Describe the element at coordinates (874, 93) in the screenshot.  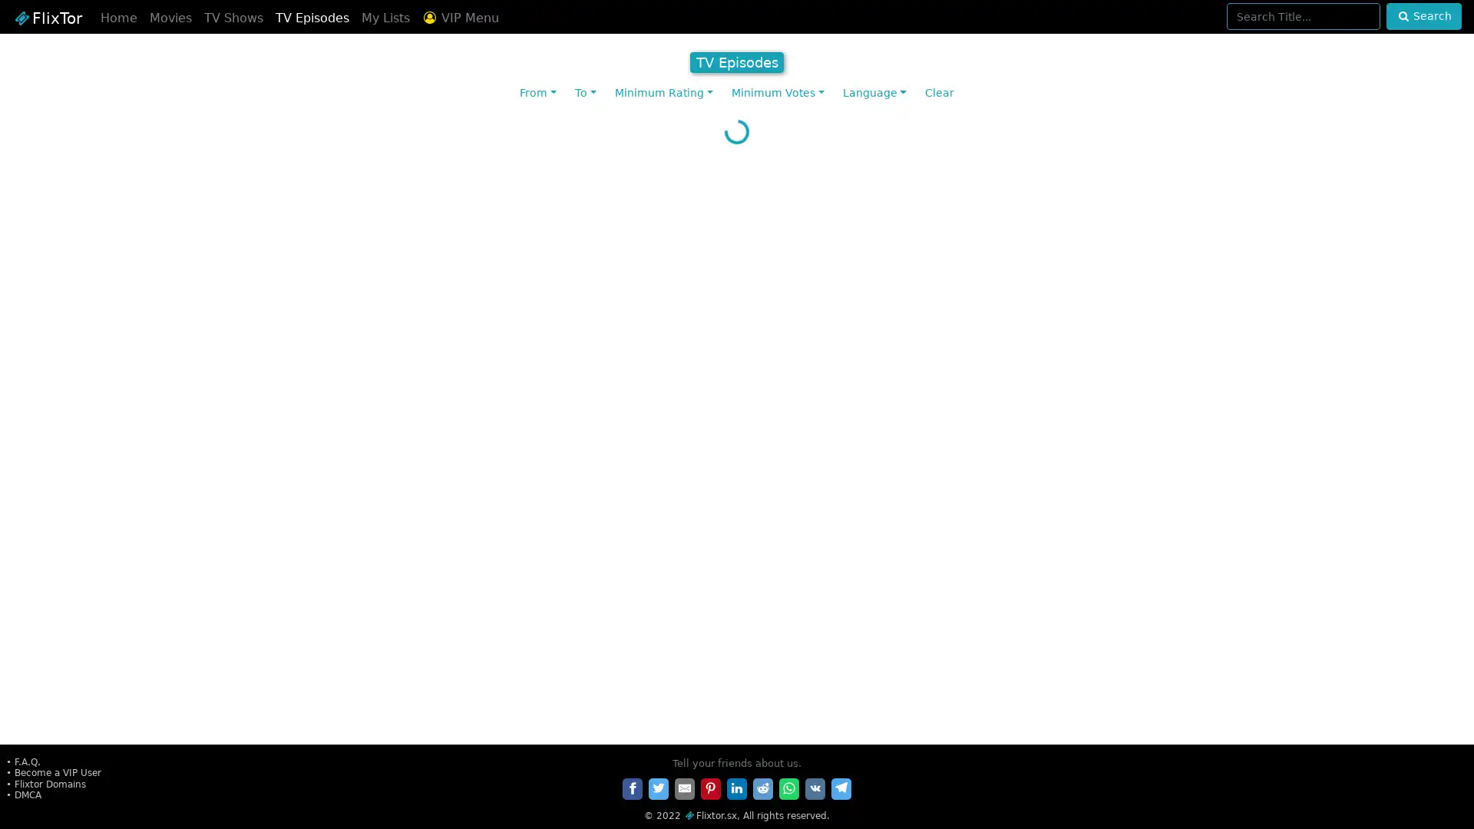
I see `Language` at that location.